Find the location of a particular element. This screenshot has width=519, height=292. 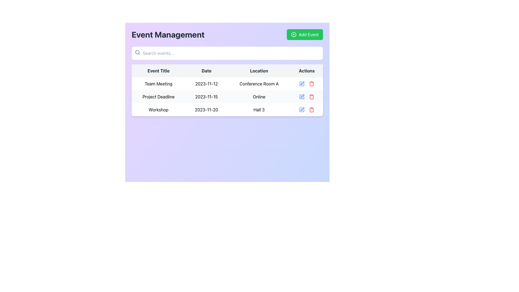

the 'Date' text label representing the 'Project Deadline' entry, which displays the date in 'YYYY-MM-DD' format, located between the 'Project Deadline' and 'Online' text labels in the second row of the table is located at coordinates (206, 97).